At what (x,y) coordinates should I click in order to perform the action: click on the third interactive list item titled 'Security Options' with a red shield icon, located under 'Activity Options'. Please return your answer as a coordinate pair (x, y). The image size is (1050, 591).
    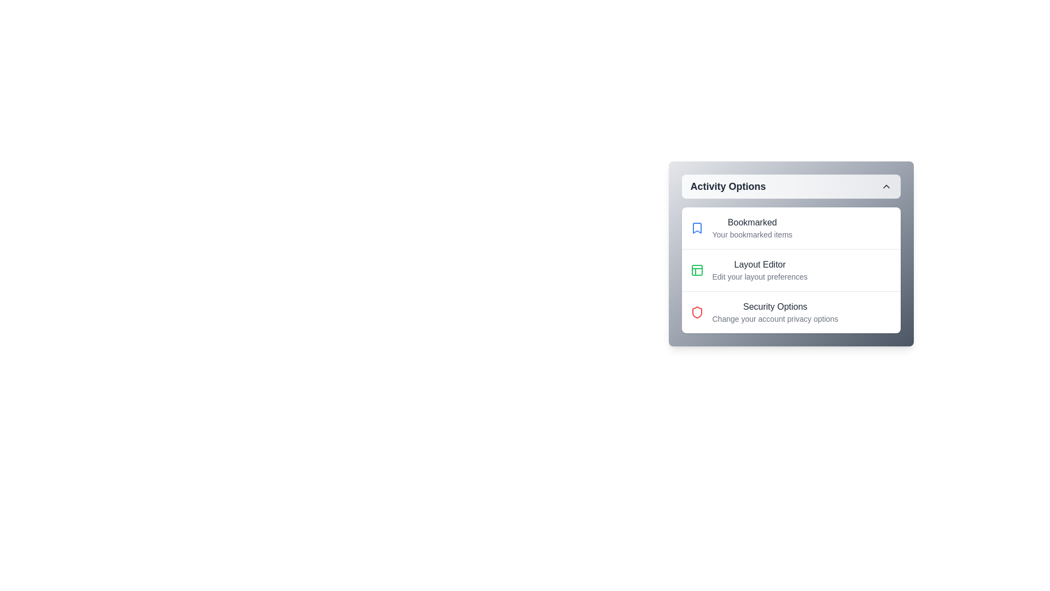
    Looking at the image, I should click on (791, 312).